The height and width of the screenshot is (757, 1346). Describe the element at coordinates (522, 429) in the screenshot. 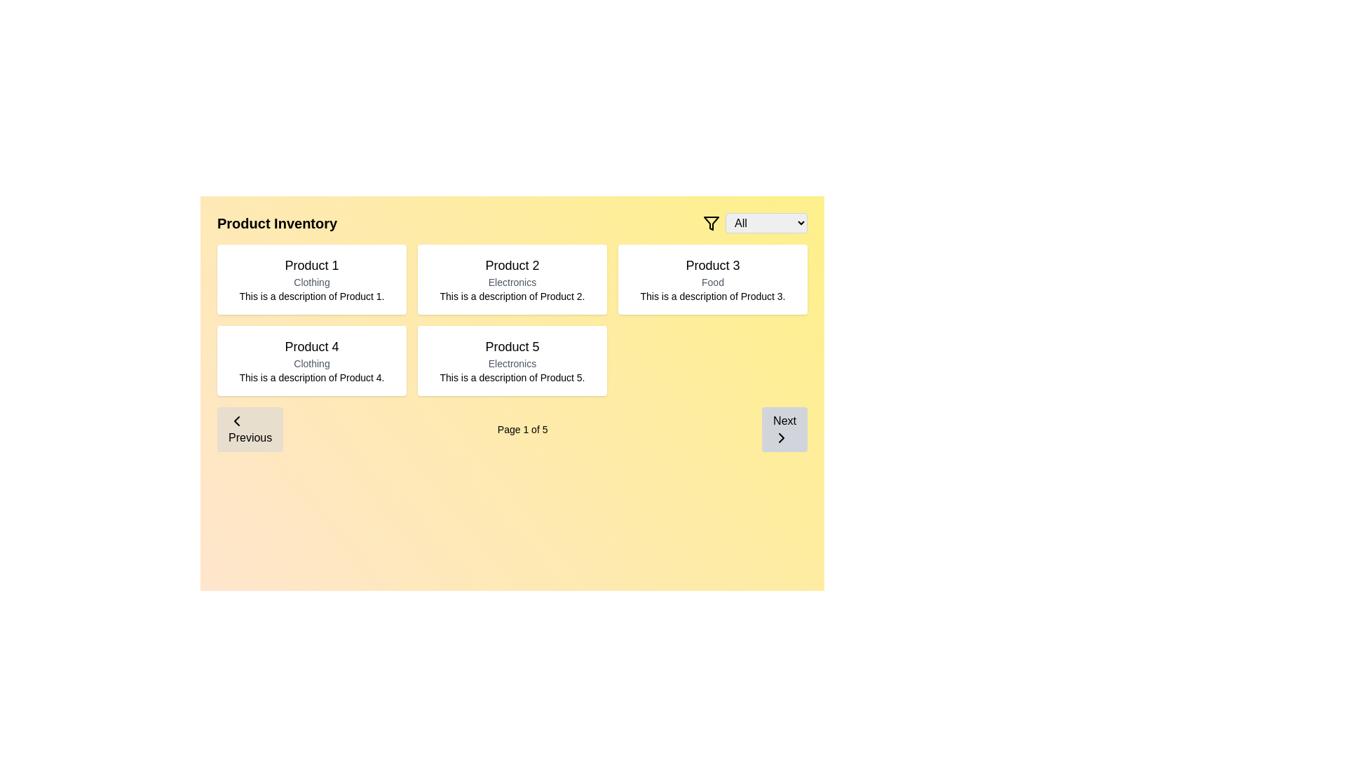

I see `the Static Text Label that displays the current page number and total pages, located centrally between the 'Previous' and 'Next' buttons` at that location.